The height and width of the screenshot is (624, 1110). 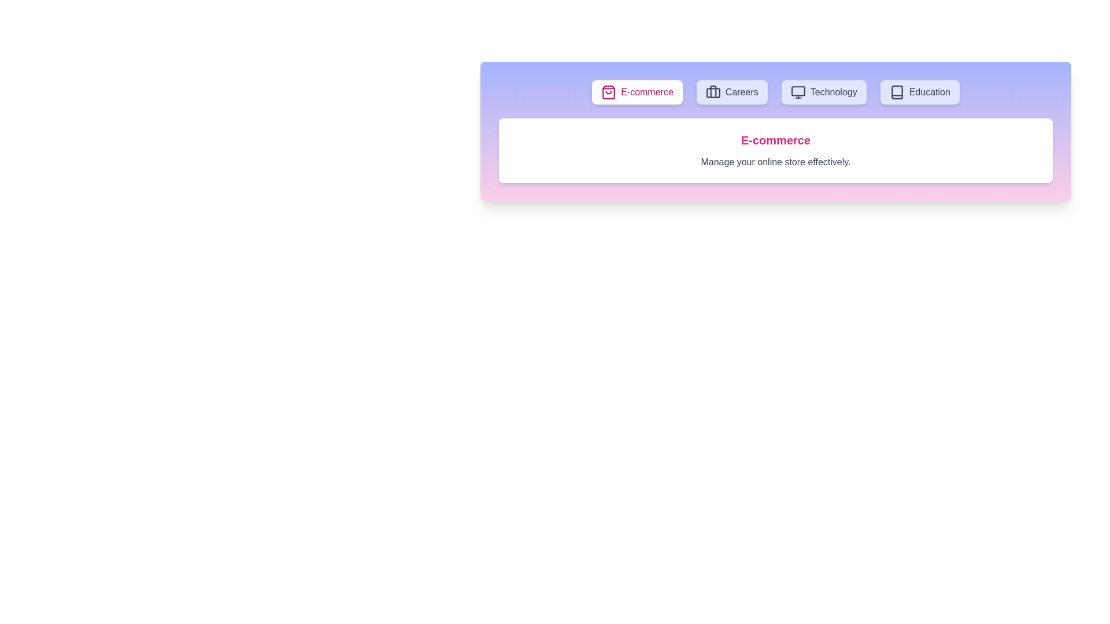 What do you see at coordinates (919, 91) in the screenshot?
I see `the Education tab` at bounding box center [919, 91].